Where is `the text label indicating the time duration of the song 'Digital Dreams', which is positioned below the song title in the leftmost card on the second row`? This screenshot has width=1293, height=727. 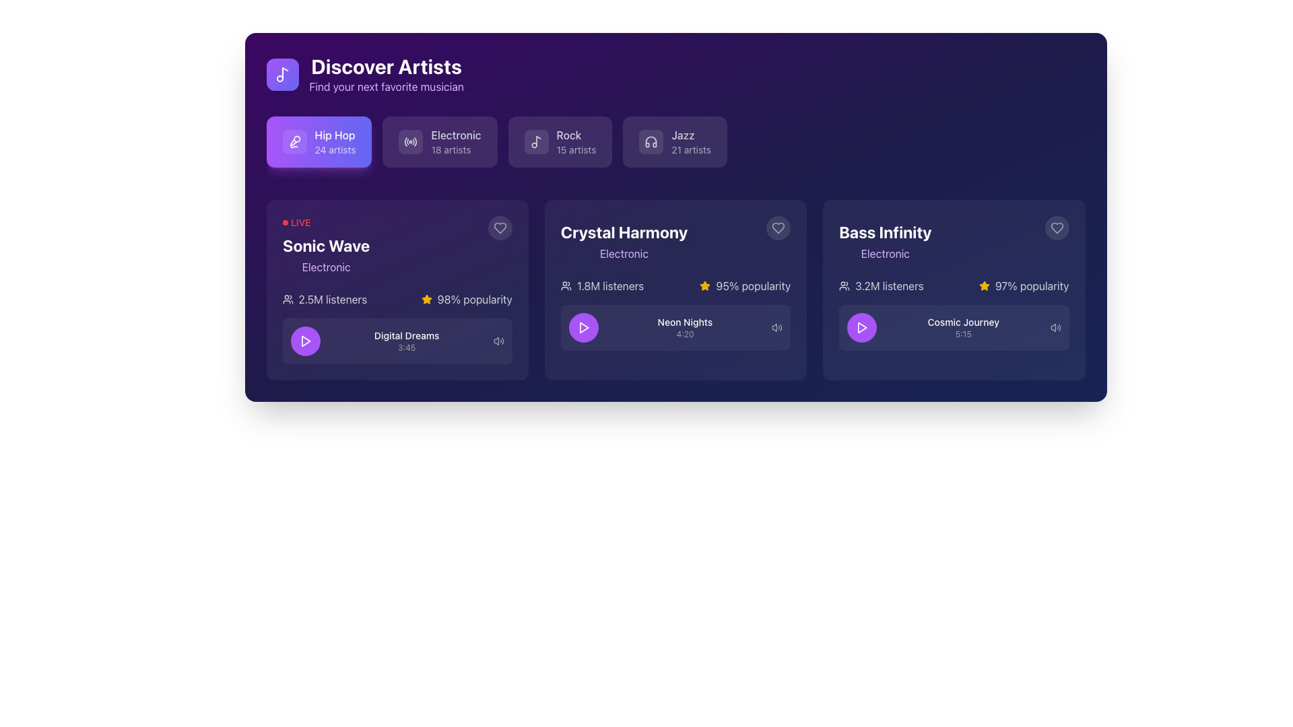
the text label indicating the time duration of the song 'Digital Dreams', which is positioned below the song title in the leftmost card on the second row is located at coordinates (406, 347).